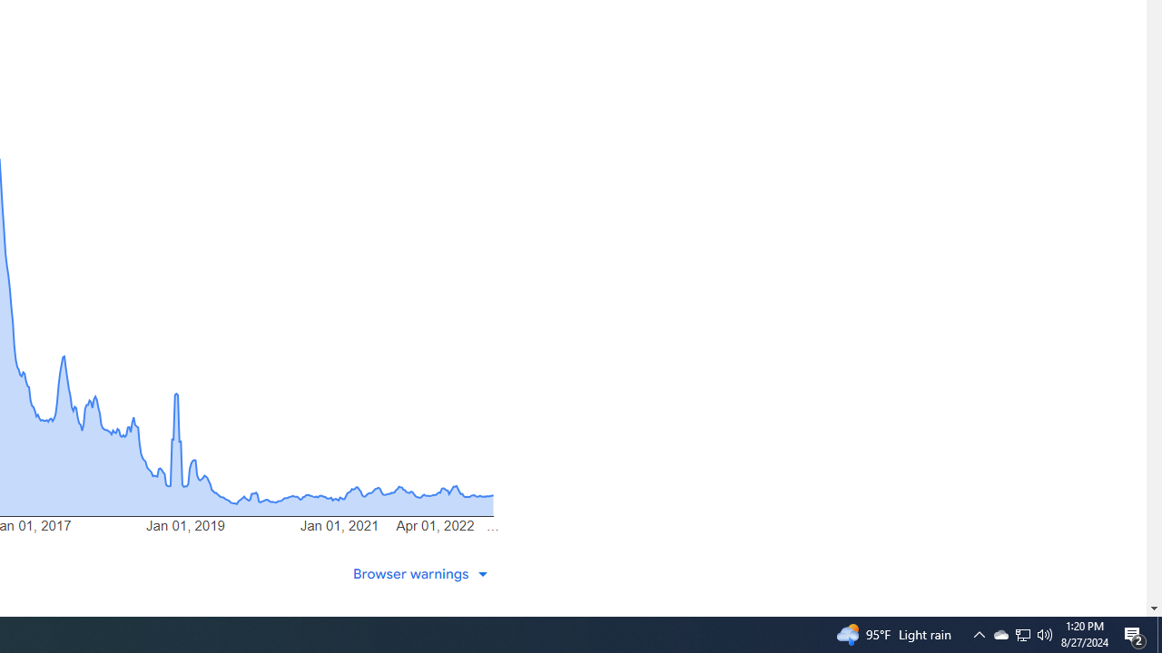 The image size is (1162, 653). I want to click on 'Browser warnings', so click(423, 573).